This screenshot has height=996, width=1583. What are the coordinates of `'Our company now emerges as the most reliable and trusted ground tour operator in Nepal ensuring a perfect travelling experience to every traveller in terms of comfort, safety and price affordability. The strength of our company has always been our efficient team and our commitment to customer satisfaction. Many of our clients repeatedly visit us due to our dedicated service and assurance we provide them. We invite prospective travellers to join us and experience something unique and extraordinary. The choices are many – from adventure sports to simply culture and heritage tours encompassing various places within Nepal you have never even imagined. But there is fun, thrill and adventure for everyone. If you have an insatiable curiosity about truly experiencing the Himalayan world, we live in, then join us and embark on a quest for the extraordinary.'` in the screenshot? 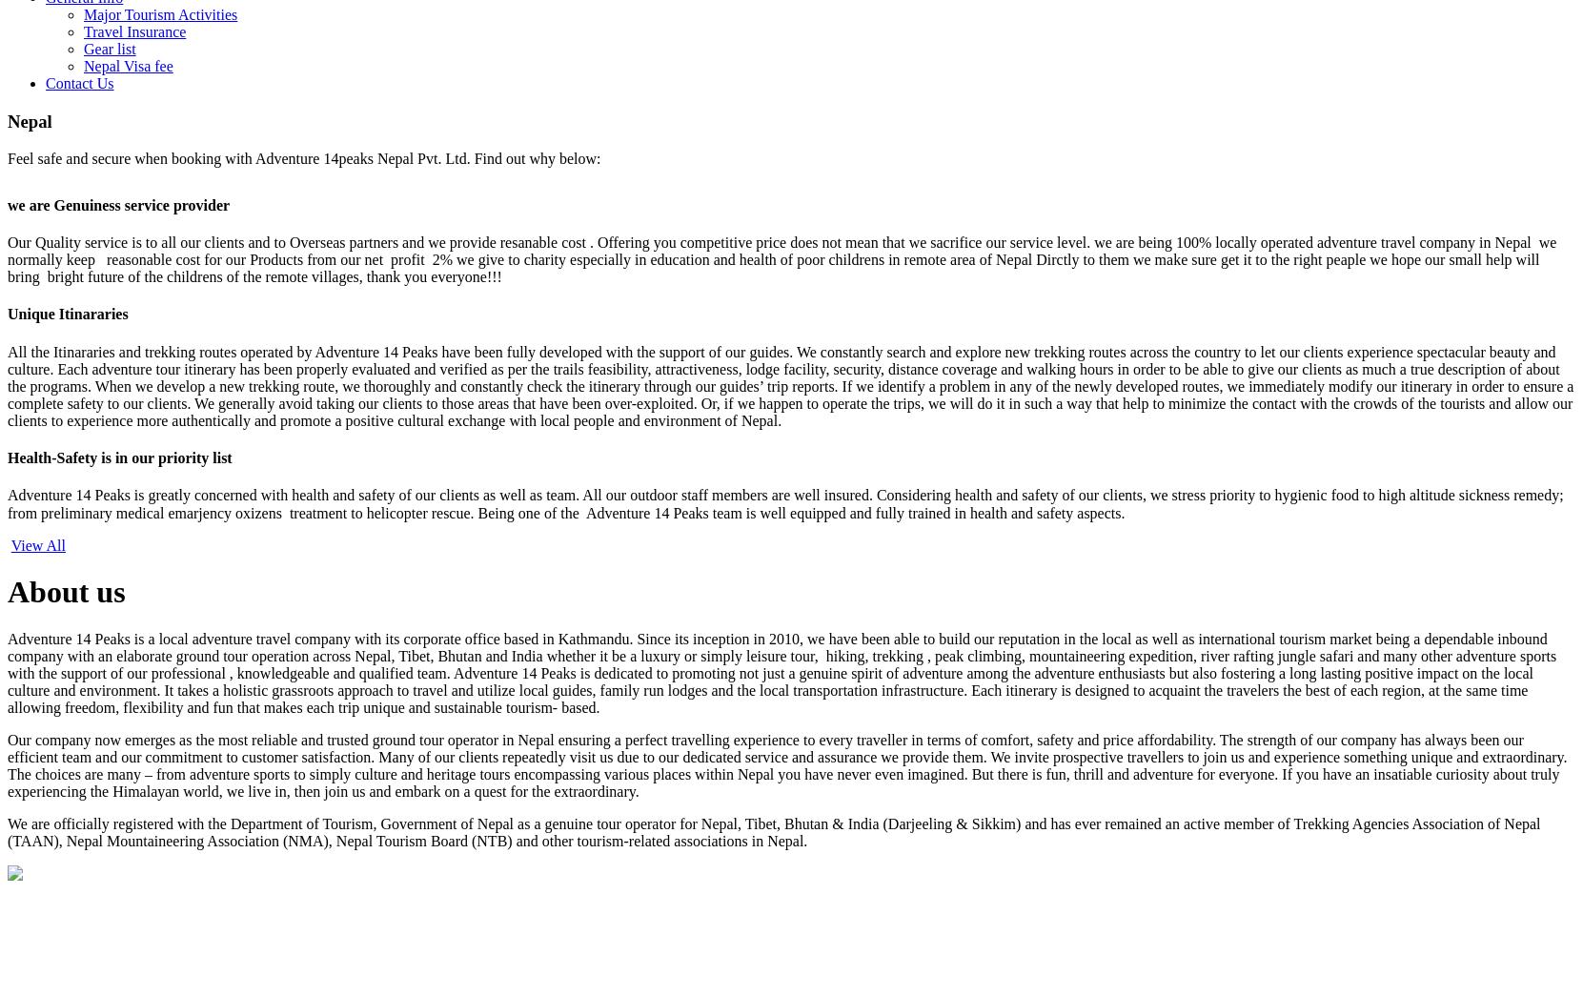 It's located at (6, 764).